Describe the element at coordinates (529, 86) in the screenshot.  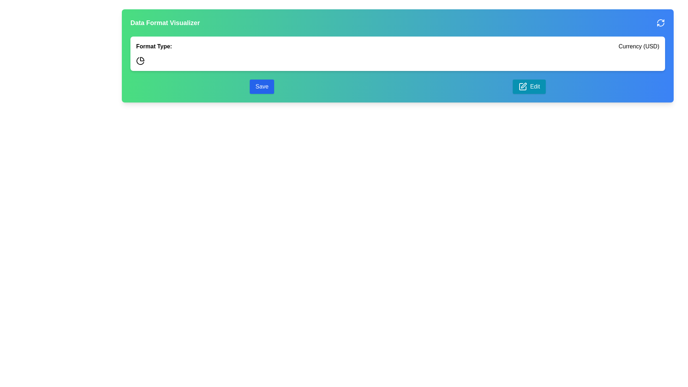
I see `the 'Edit' button` at that location.